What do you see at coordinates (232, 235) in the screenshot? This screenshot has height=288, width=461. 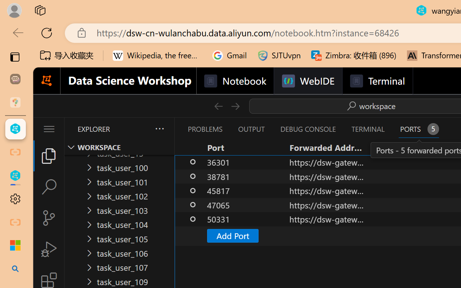 I see `'Add Port'` at bounding box center [232, 235].